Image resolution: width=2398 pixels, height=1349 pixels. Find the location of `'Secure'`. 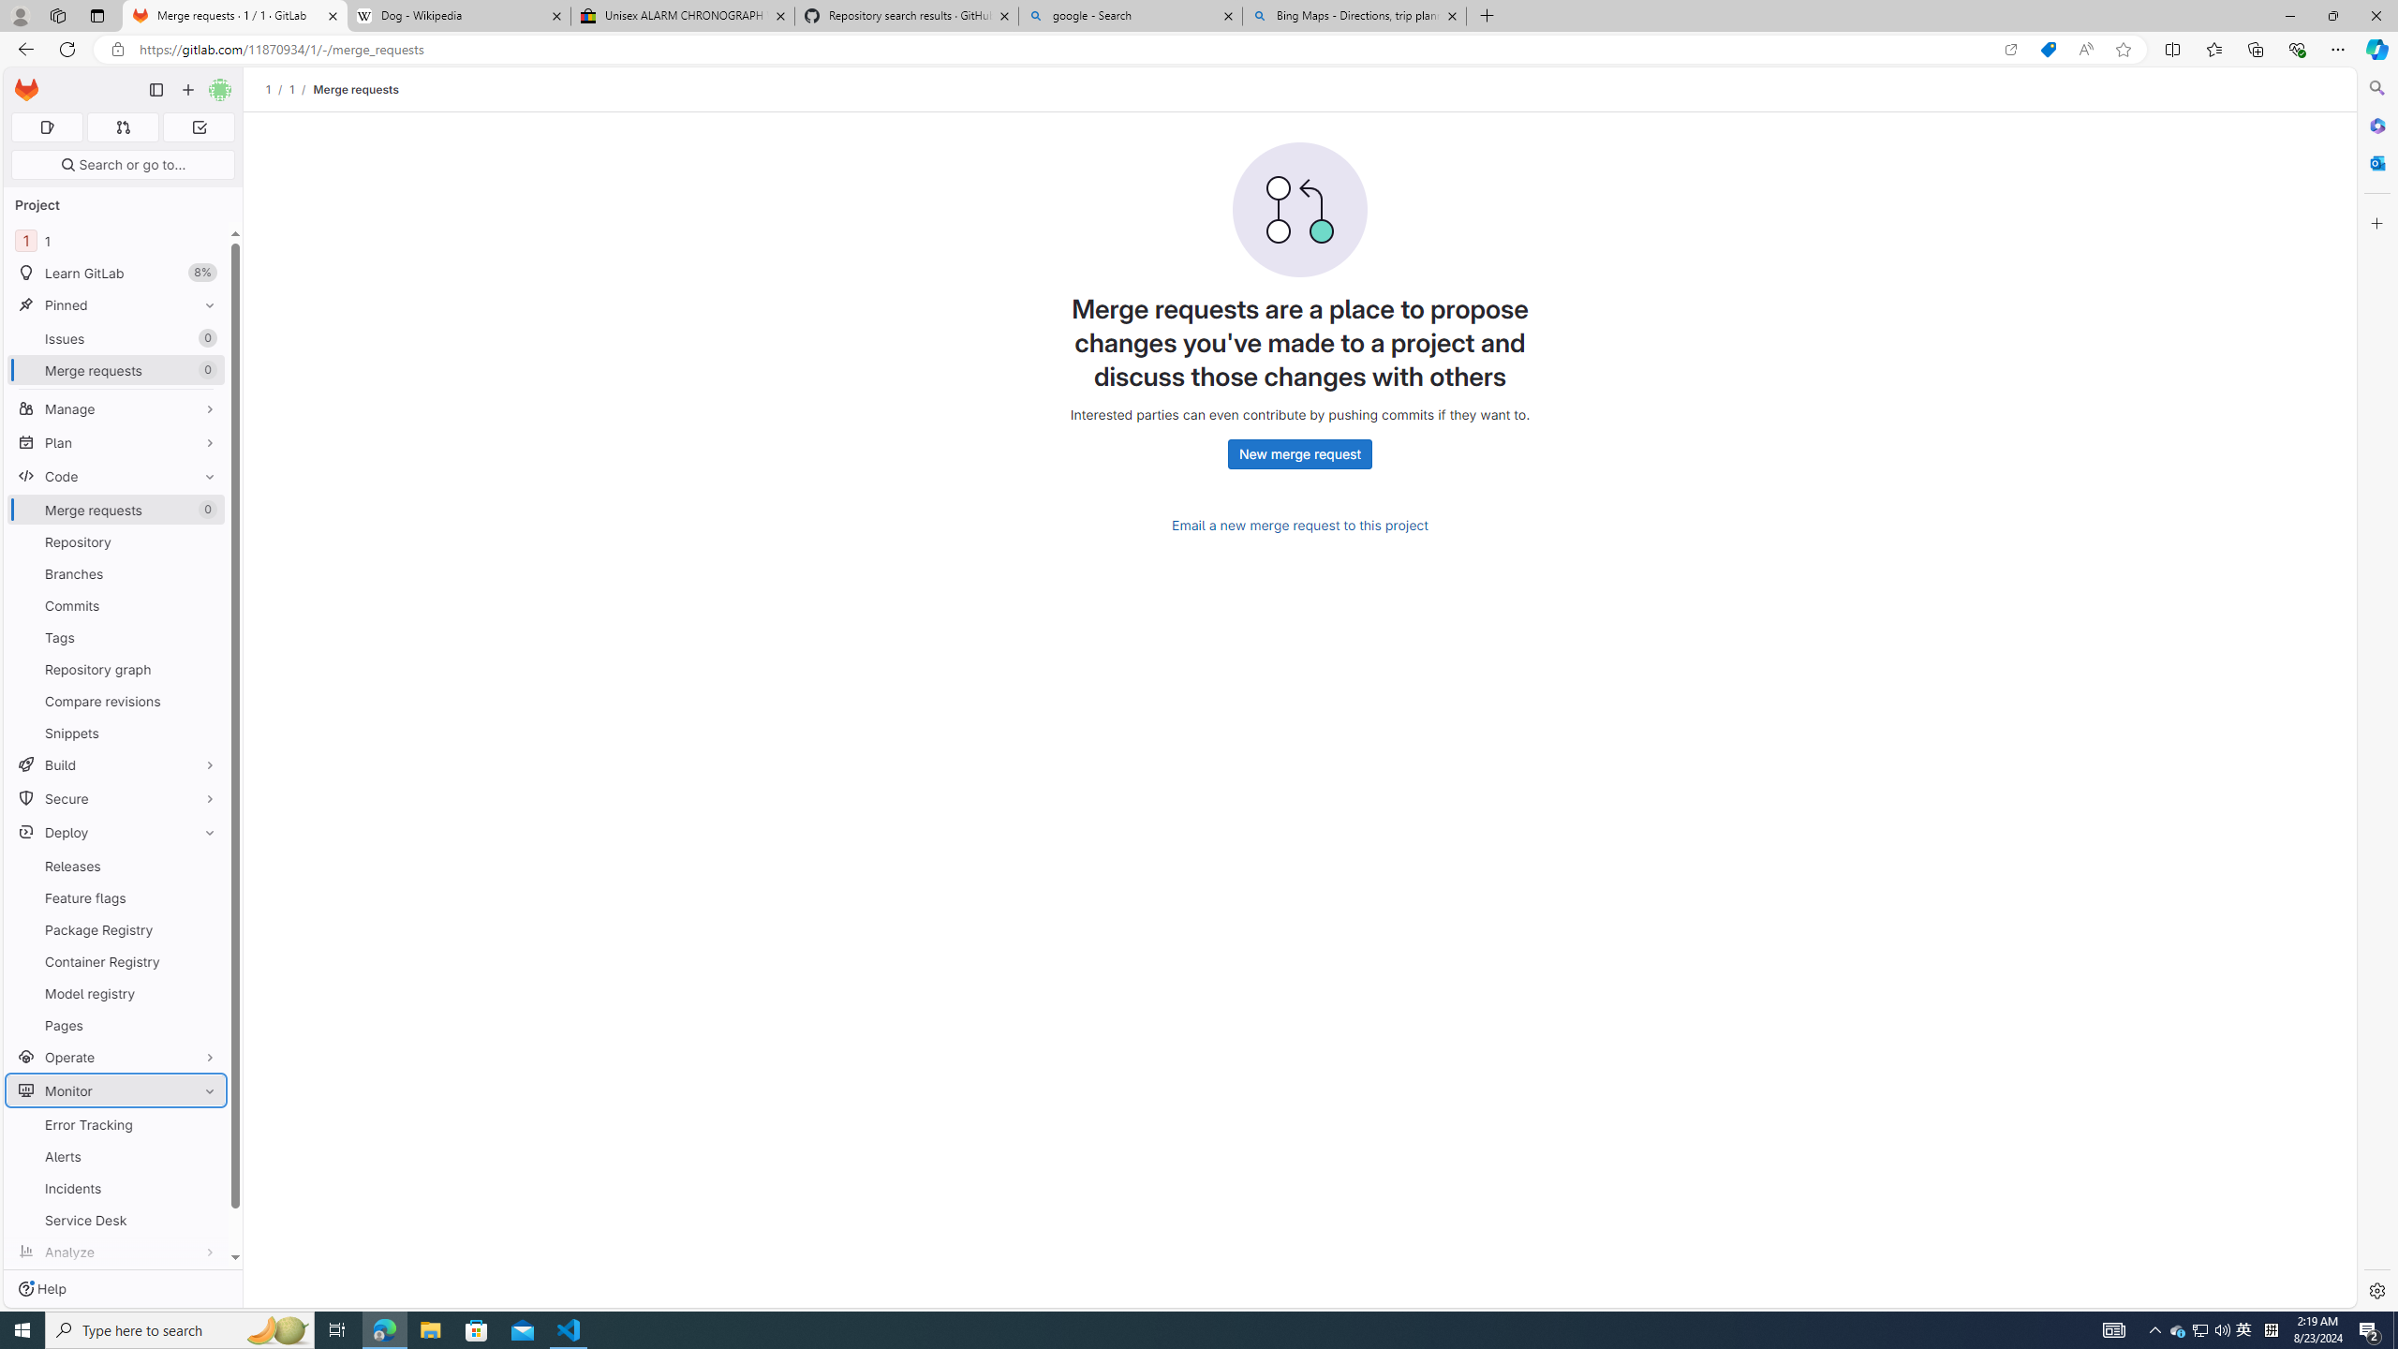

'Secure' is located at coordinates (115, 797).